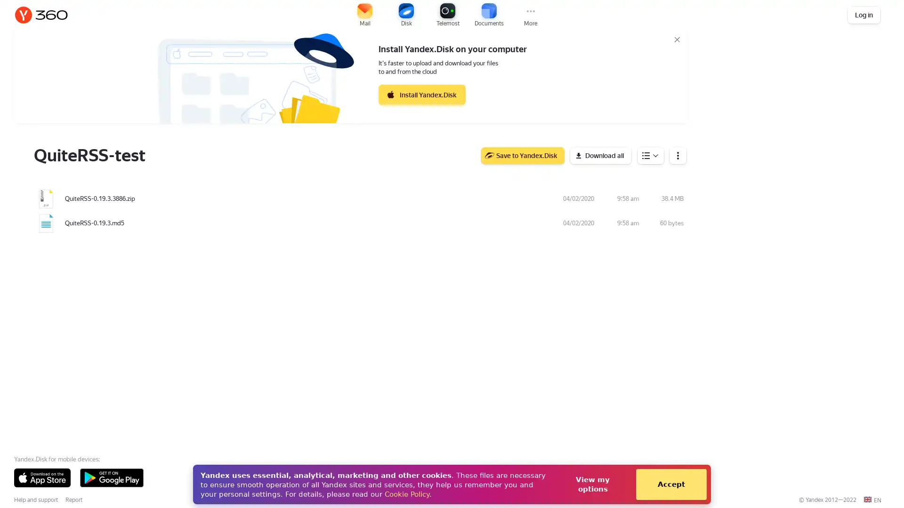 Image resolution: width=904 pixels, height=508 pixels. What do you see at coordinates (872, 500) in the screenshot?
I see `EN` at bounding box center [872, 500].